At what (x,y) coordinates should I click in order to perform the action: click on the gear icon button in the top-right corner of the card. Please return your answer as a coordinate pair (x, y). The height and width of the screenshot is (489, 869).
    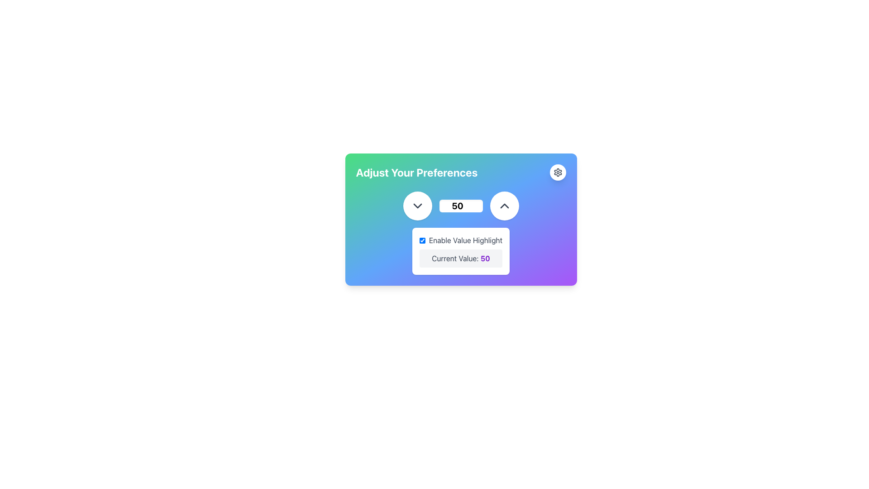
    Looking at the image, I should click on (557, 173).